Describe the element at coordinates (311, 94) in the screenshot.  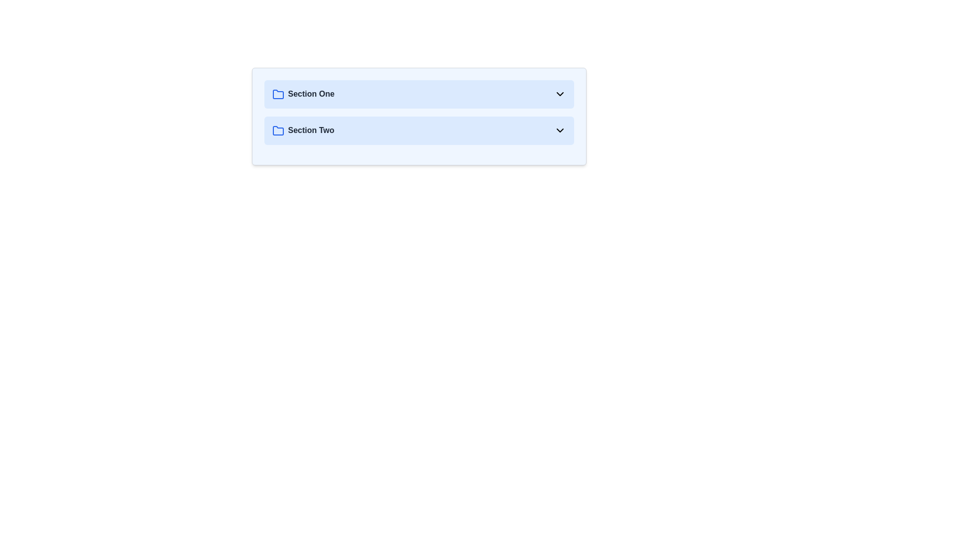
I see `text label displaying 'Section One' which is in bold gray font and located at the top of the section headers, to the right of a blue folder icon` at that location.